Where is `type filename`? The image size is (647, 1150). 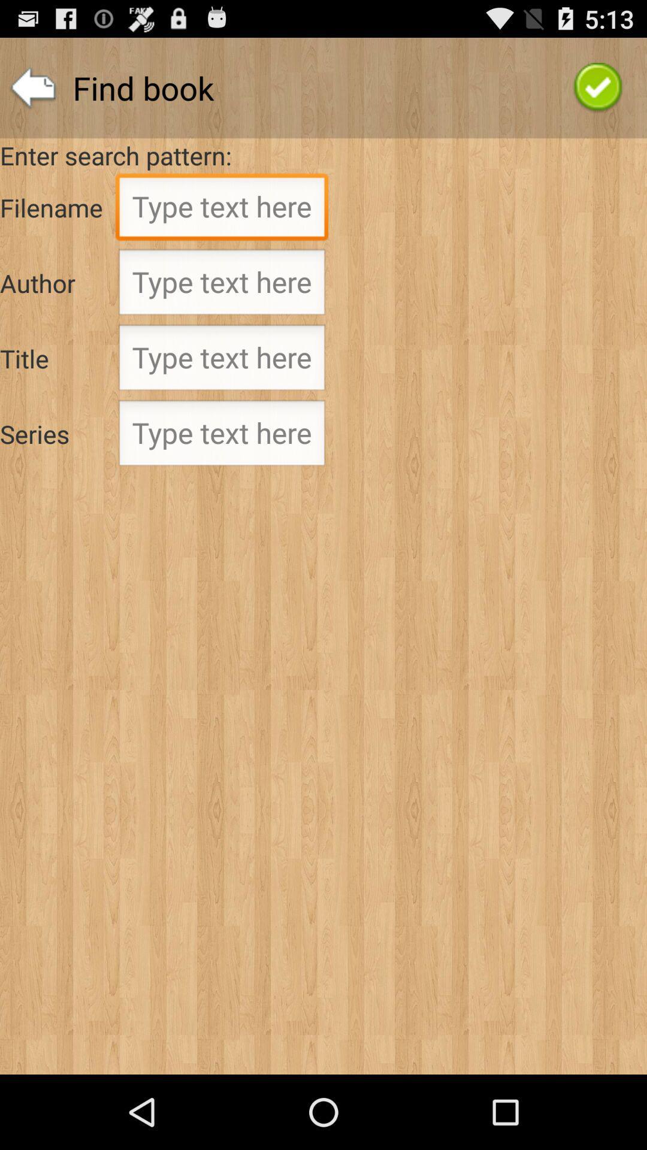 type filename is located at coordinates (222, 210).